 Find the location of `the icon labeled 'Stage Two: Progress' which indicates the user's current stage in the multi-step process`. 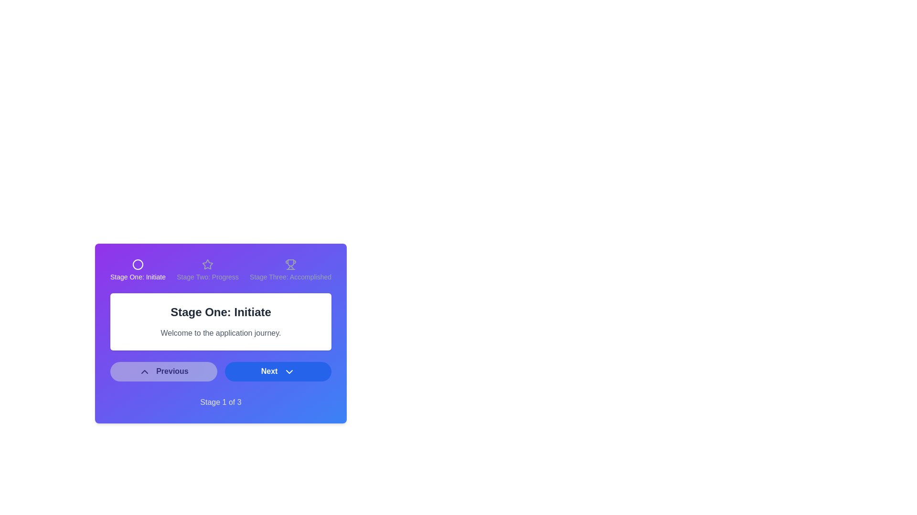

the icon labeled 'Stage Two: Progress' which indicates the user's current stage in the multi-step process is located at coordinates (207, 264).